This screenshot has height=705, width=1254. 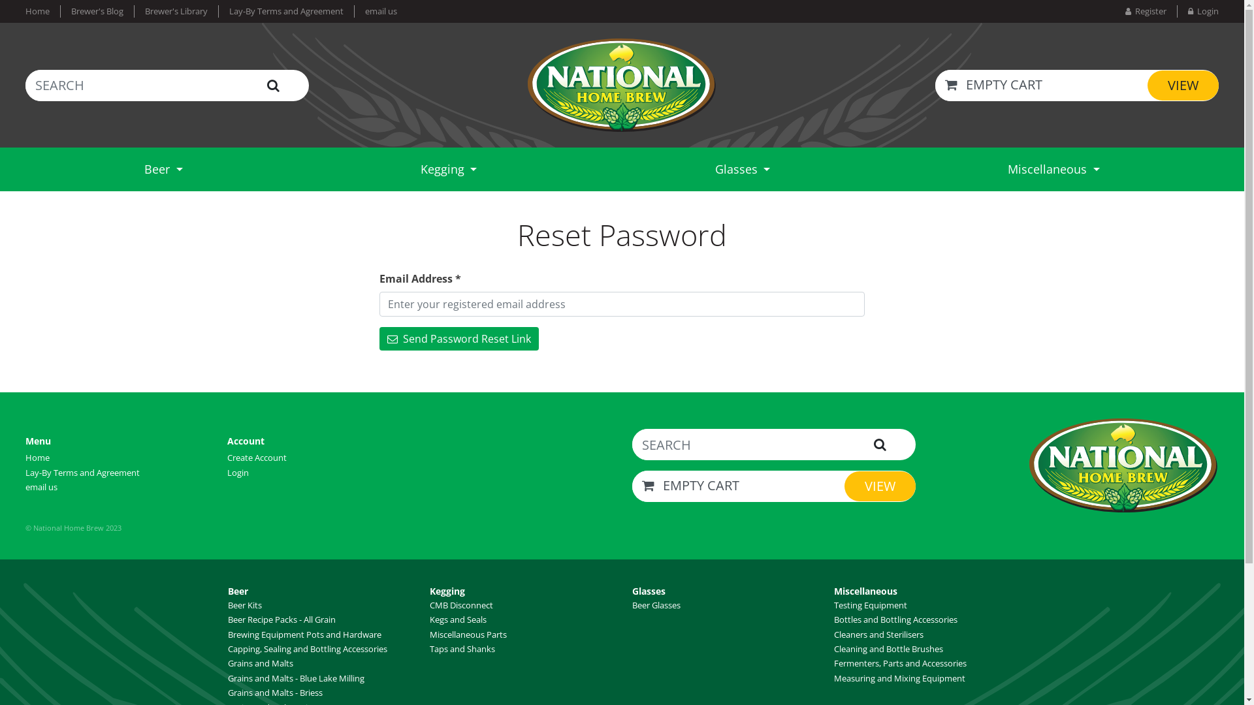 What do you see at coordinates (82, 471) in the screenshot?
I see `'Lay-By Terms and Agreement'` at bounding box center [82, 471].